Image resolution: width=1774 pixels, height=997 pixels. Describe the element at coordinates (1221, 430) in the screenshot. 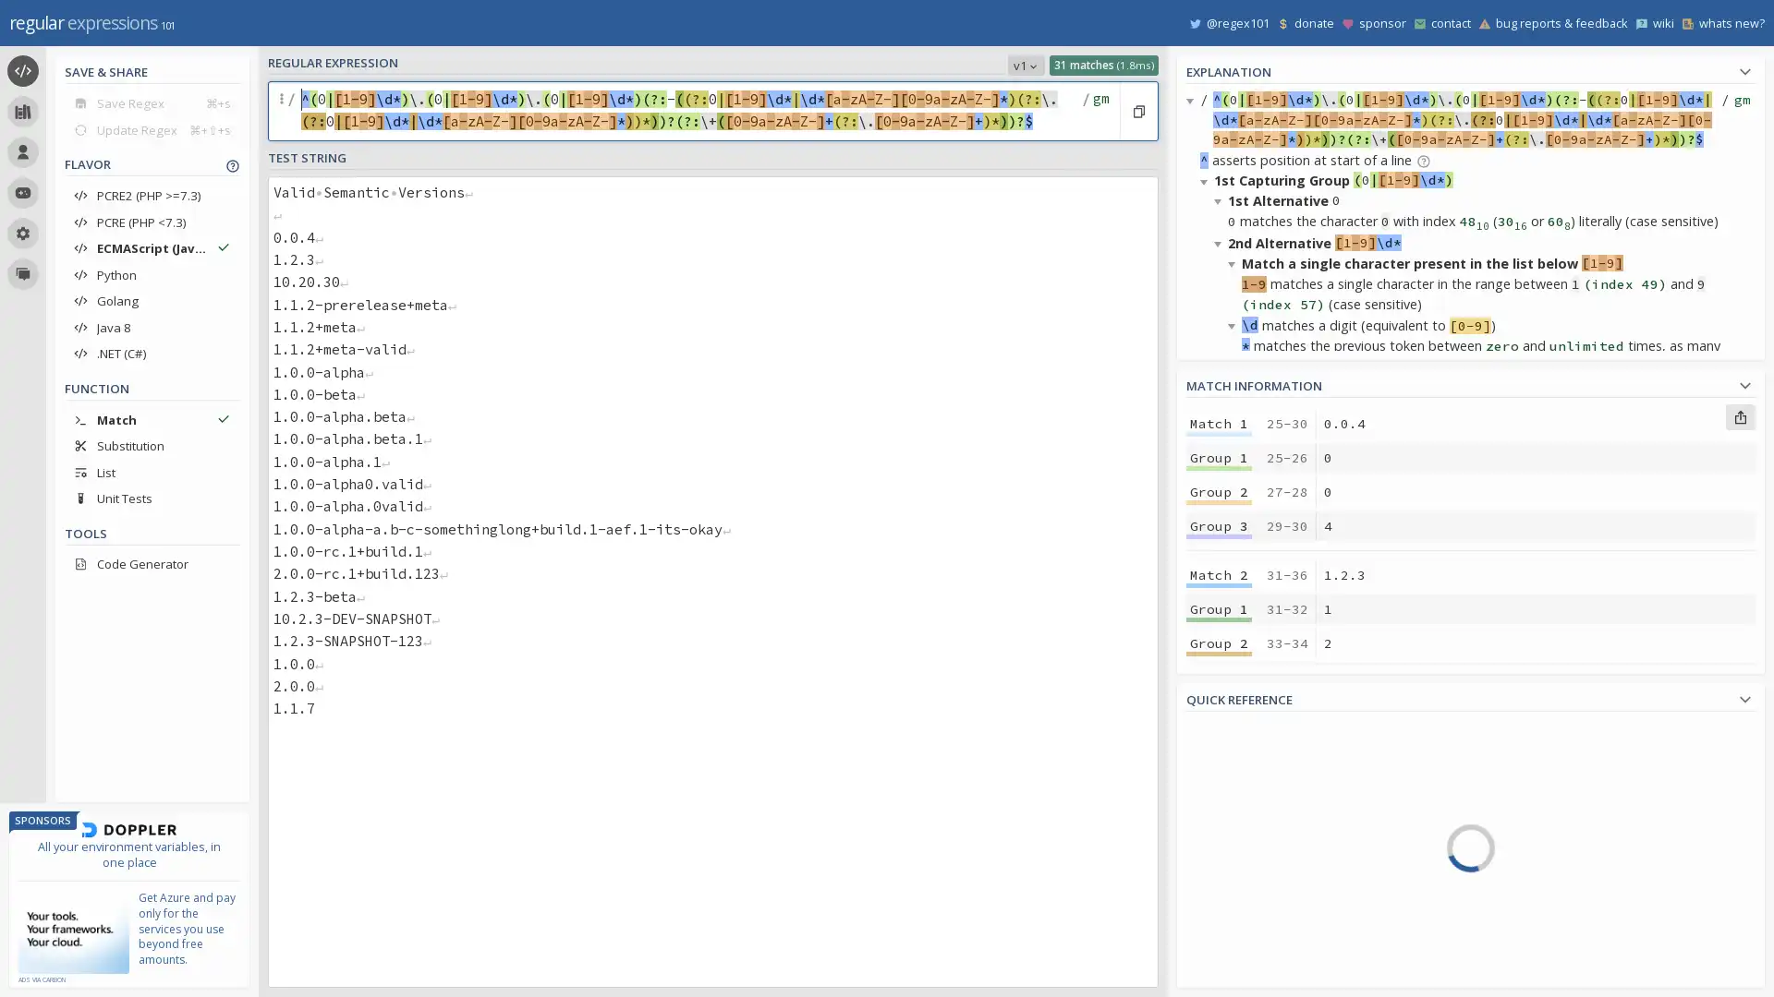

I see `Collapse Subtree` at that location.